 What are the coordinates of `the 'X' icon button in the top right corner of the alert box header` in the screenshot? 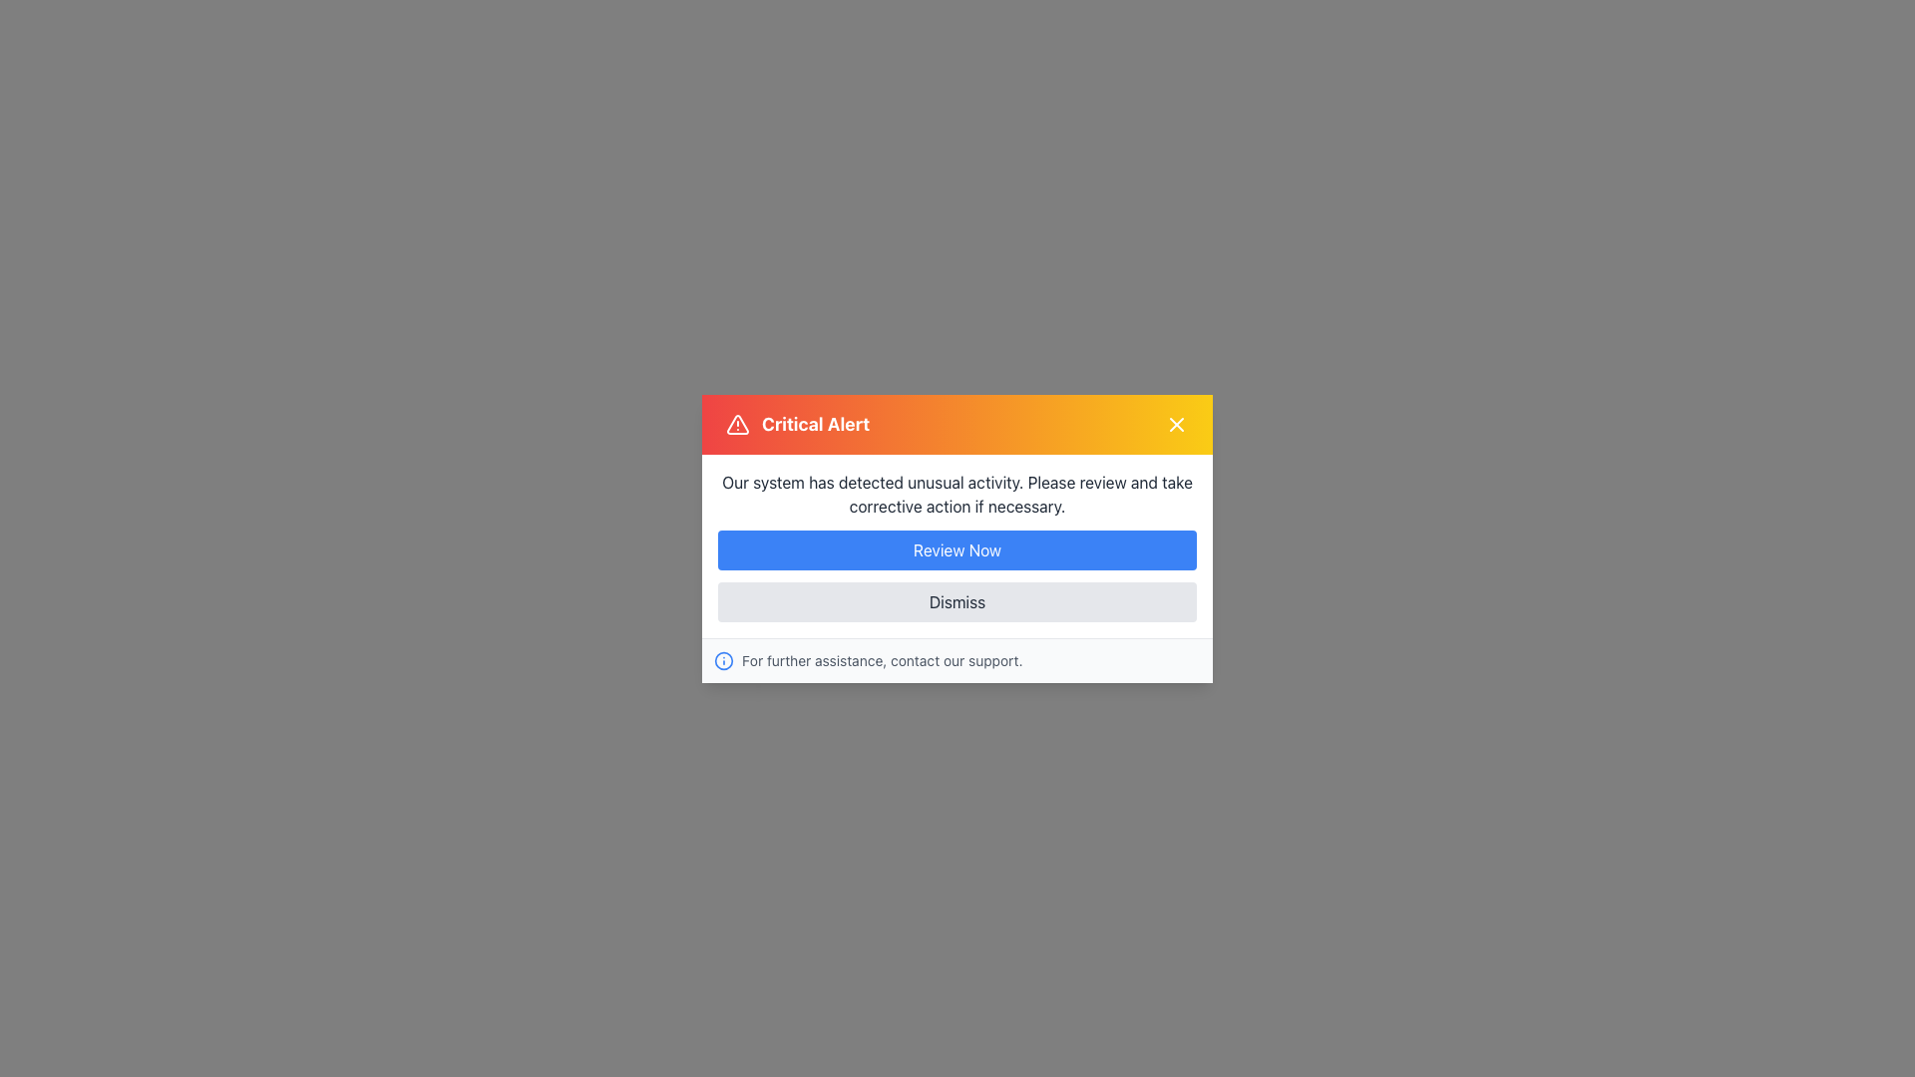 It's located at (1177, 422).